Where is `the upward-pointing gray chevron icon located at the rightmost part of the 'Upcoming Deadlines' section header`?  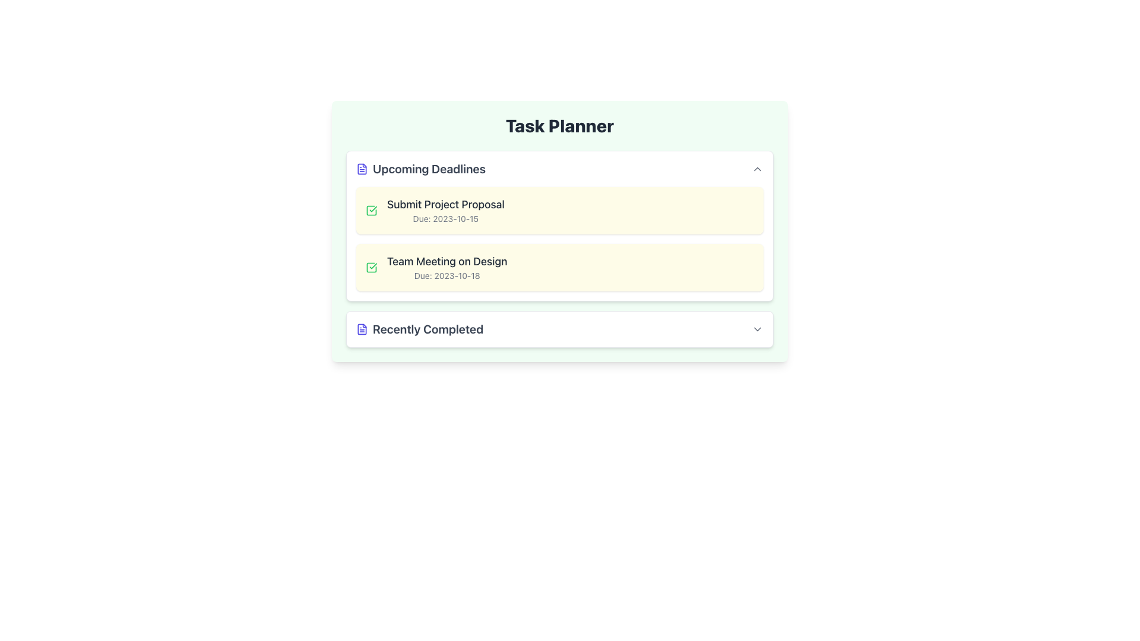 the upward-pointing gray chevron icon located at the rightmost part of the 'Upcoming Deadlines' section header is located at coordinates (757, 169).